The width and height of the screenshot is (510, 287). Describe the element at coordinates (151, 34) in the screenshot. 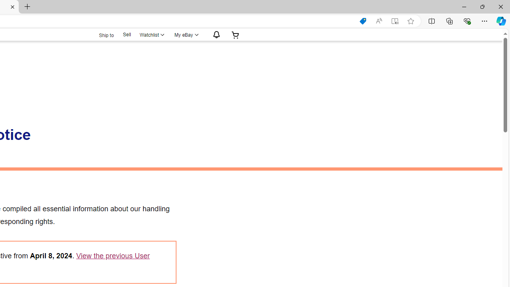

I see `'Watchlist'` at that location.